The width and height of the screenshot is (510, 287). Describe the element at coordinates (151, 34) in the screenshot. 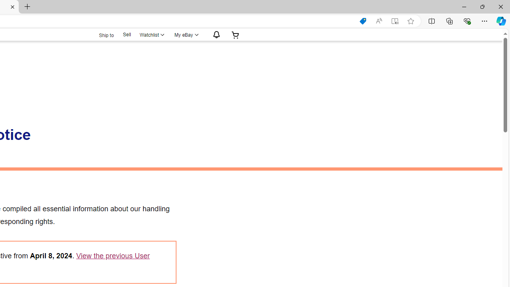

I see `'Watchlist'` at that location.